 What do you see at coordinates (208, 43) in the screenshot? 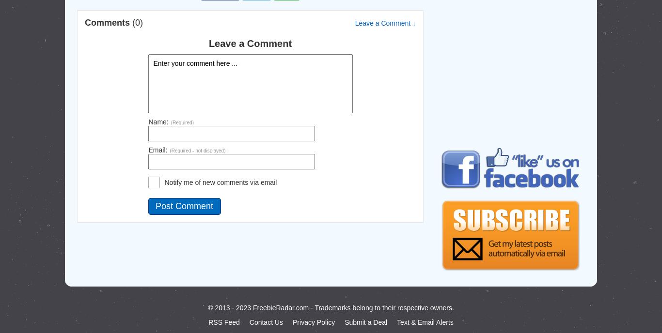
I see `'Leave a Comment'` at bounding box center [208, 43].